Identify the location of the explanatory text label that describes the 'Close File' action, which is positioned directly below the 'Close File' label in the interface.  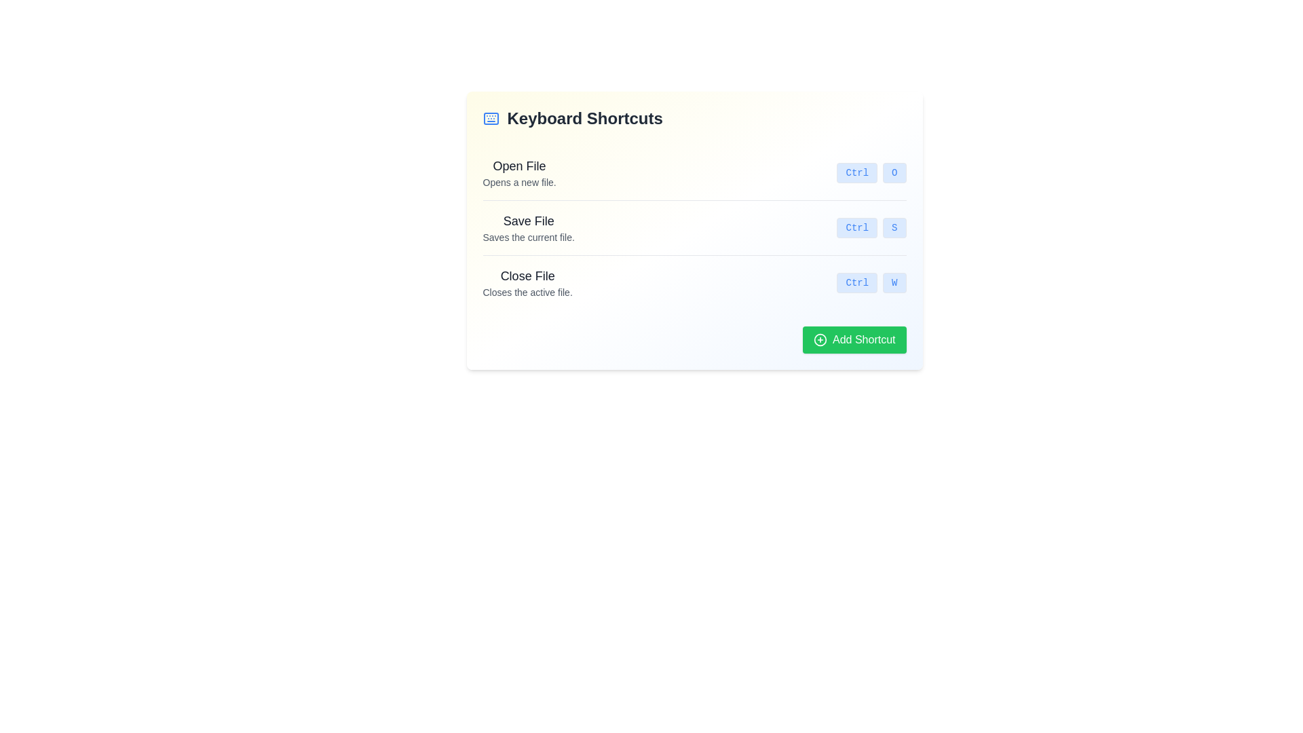
(527, 292).